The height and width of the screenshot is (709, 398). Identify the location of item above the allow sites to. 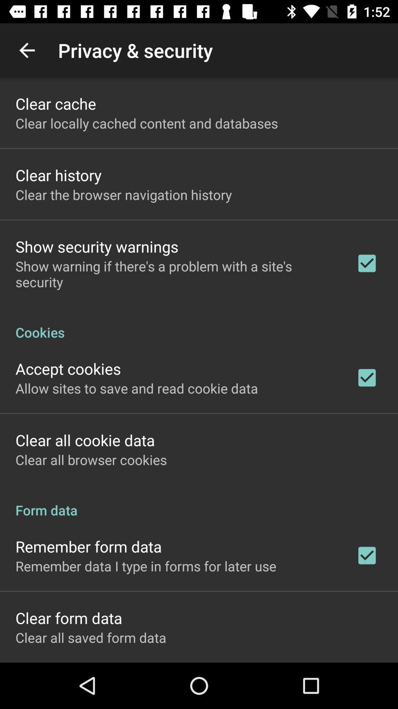
(68, 369).